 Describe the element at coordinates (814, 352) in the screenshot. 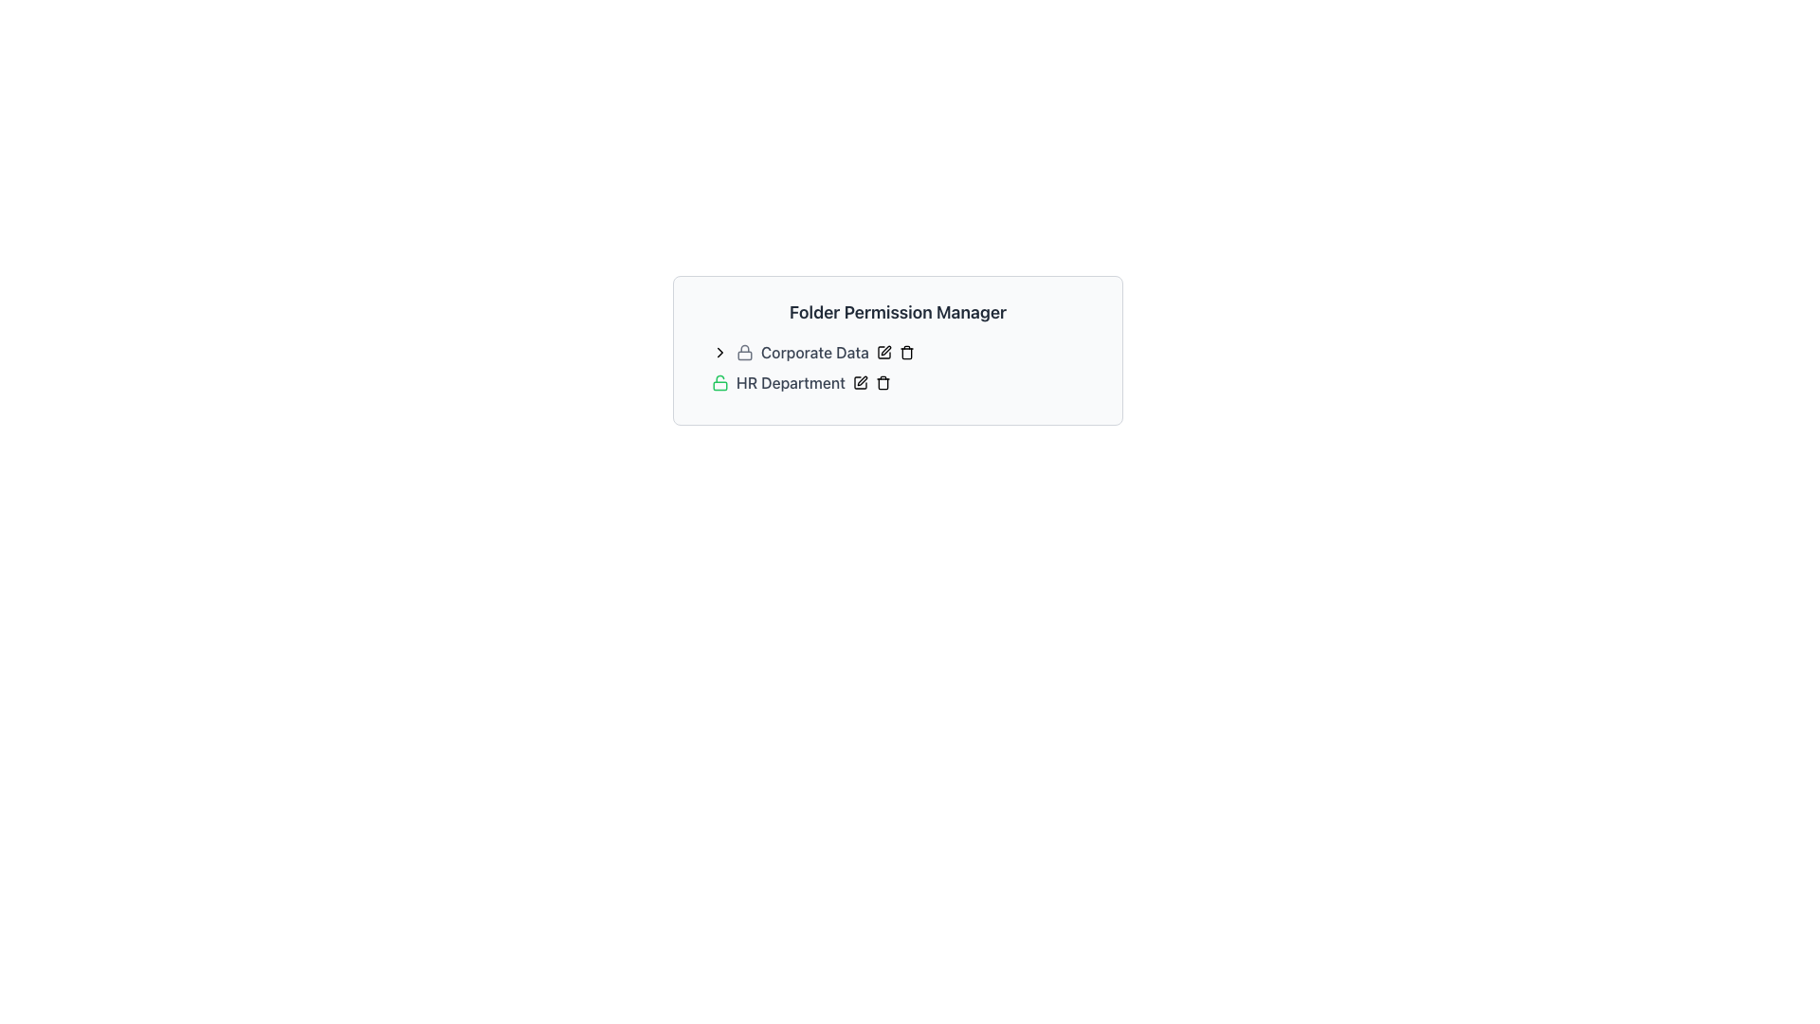

I see `the static text label element displaying 'Corporate Data', which is centrally aligned, gray in color, and located between the lock icon and the edit/trash icons under the 'Folder Permission Manager' heading` at that location.